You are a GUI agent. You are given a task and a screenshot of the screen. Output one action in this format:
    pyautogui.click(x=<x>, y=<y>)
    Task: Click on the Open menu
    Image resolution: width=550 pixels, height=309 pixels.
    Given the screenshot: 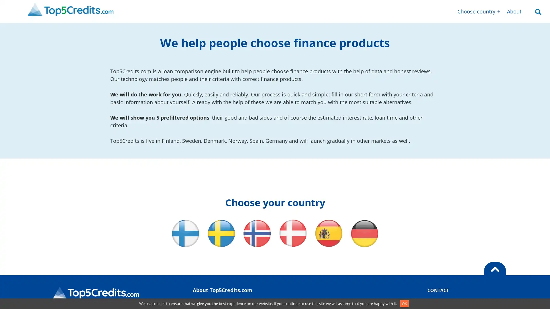 What is the action you would take?
    pyautogui.click(x=498, y=11)
    